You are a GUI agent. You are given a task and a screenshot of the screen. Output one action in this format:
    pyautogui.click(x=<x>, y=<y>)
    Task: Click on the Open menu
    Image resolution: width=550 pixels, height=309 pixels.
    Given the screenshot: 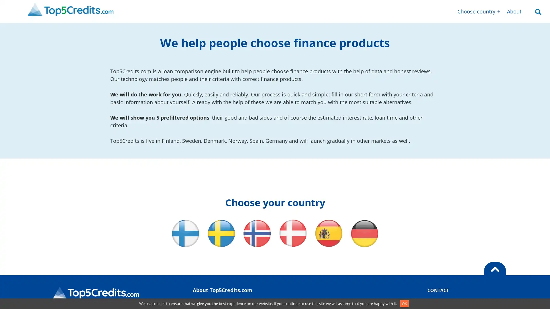 What is the action you would take?
    pyautogui.click(x=498, y=11)
    